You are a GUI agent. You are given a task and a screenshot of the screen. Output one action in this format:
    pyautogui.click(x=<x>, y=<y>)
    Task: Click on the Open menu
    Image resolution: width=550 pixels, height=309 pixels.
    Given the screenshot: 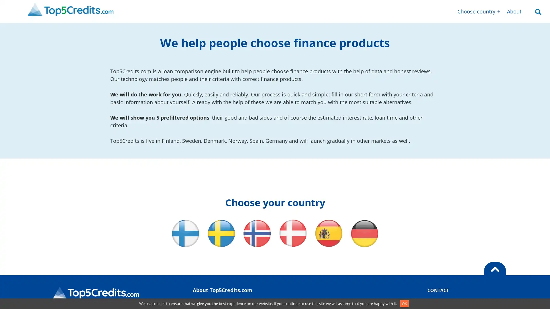 What is the action you would take?
    pyautogui.click(x=498, y=11)
    